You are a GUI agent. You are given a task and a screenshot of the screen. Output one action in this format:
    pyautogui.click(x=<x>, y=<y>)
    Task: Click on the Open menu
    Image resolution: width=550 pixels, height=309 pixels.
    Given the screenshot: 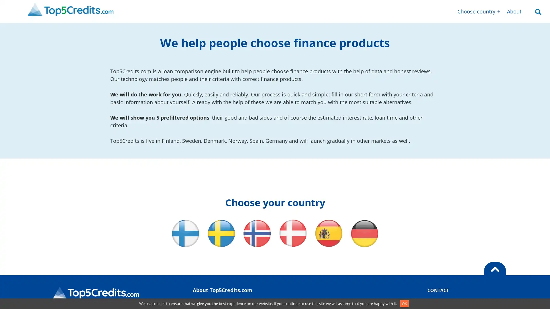 What is the action you would take?
    pyautogui.click(x=498, y=11)
    